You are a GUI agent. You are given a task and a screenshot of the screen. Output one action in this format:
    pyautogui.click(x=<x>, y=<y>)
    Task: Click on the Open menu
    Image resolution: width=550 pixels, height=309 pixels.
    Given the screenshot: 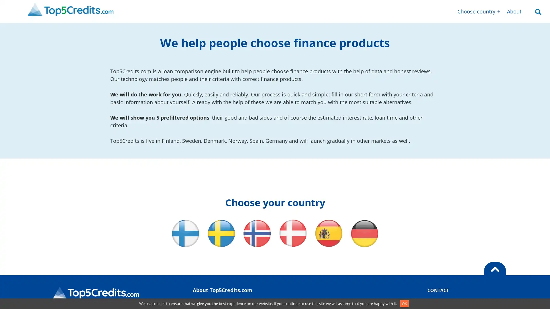 What is the action you would take?
    pyautogui.click(x=498, y=11)
    